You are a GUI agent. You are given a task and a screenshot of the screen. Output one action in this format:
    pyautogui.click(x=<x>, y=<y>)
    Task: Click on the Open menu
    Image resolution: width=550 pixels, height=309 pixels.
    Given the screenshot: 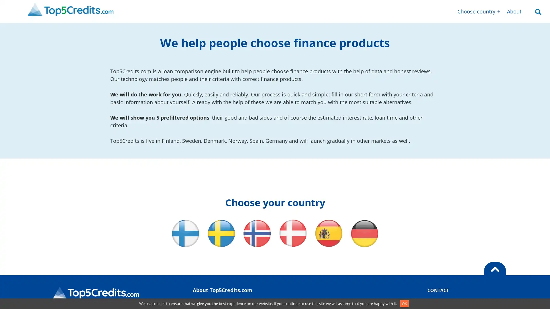 What is the action you would take?
    pyautogui.click(x=498, y=11)
    